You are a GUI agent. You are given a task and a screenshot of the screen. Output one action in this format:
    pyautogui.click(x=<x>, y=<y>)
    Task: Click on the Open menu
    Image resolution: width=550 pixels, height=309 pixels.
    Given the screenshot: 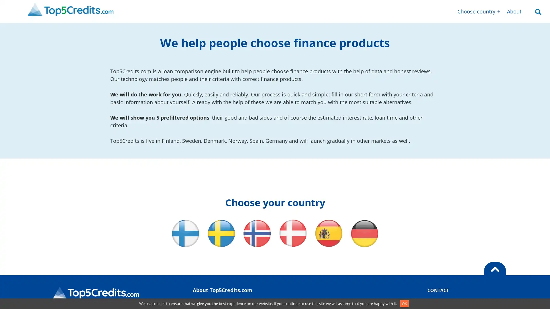 What is the action you would take?
    pyautogui.click(x=498, y=11)
    